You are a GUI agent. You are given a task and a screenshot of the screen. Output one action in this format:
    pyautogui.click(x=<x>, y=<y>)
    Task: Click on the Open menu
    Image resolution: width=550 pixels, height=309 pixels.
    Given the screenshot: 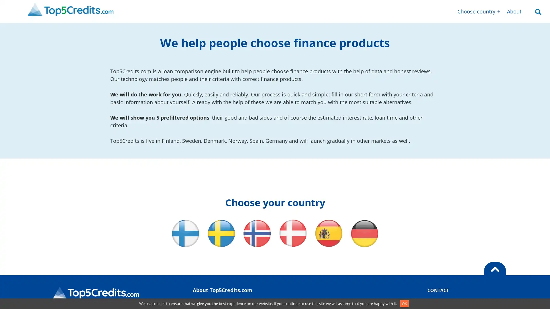 What is the action you would take?
    pyautogui.click(x=498, y=11)
    